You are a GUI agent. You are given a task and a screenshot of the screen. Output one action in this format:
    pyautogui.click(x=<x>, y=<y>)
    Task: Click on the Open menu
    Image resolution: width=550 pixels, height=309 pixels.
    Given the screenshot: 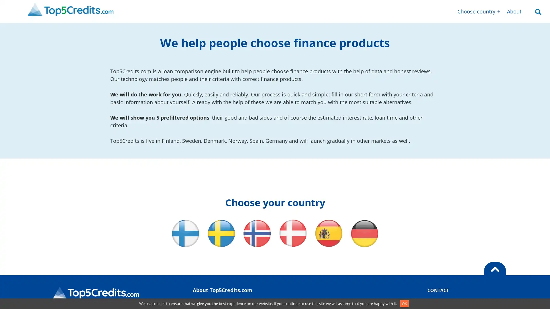 What is the action you would take?
    pyautogui.click(x=498, y=11)
    